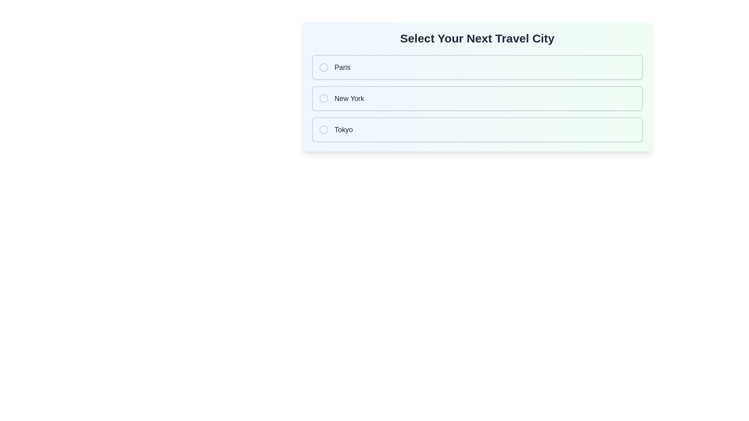 The width and height of the screenshot is (749, 421). What do you see at coordinates (323, 98) in the screenshot?
I see `the radio button located to the left of the 'New York' label` at bounding box center [323, 98].